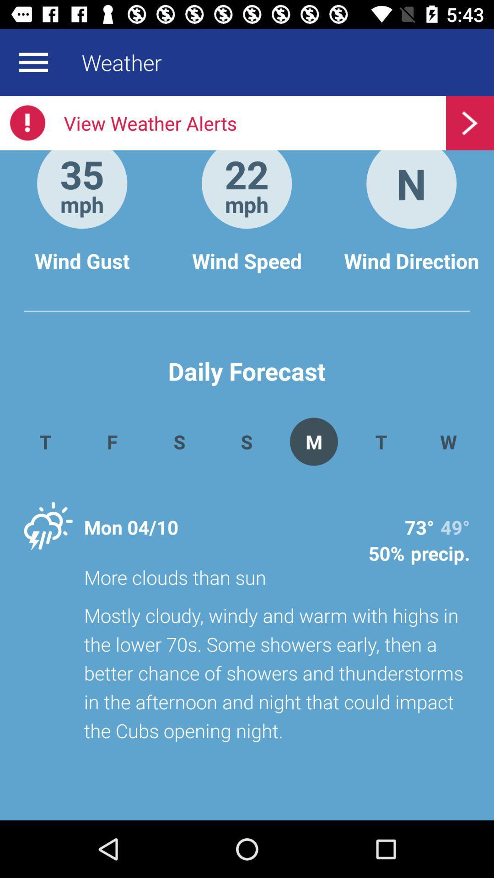  I want to click on more options for weather, so click(33, 62).